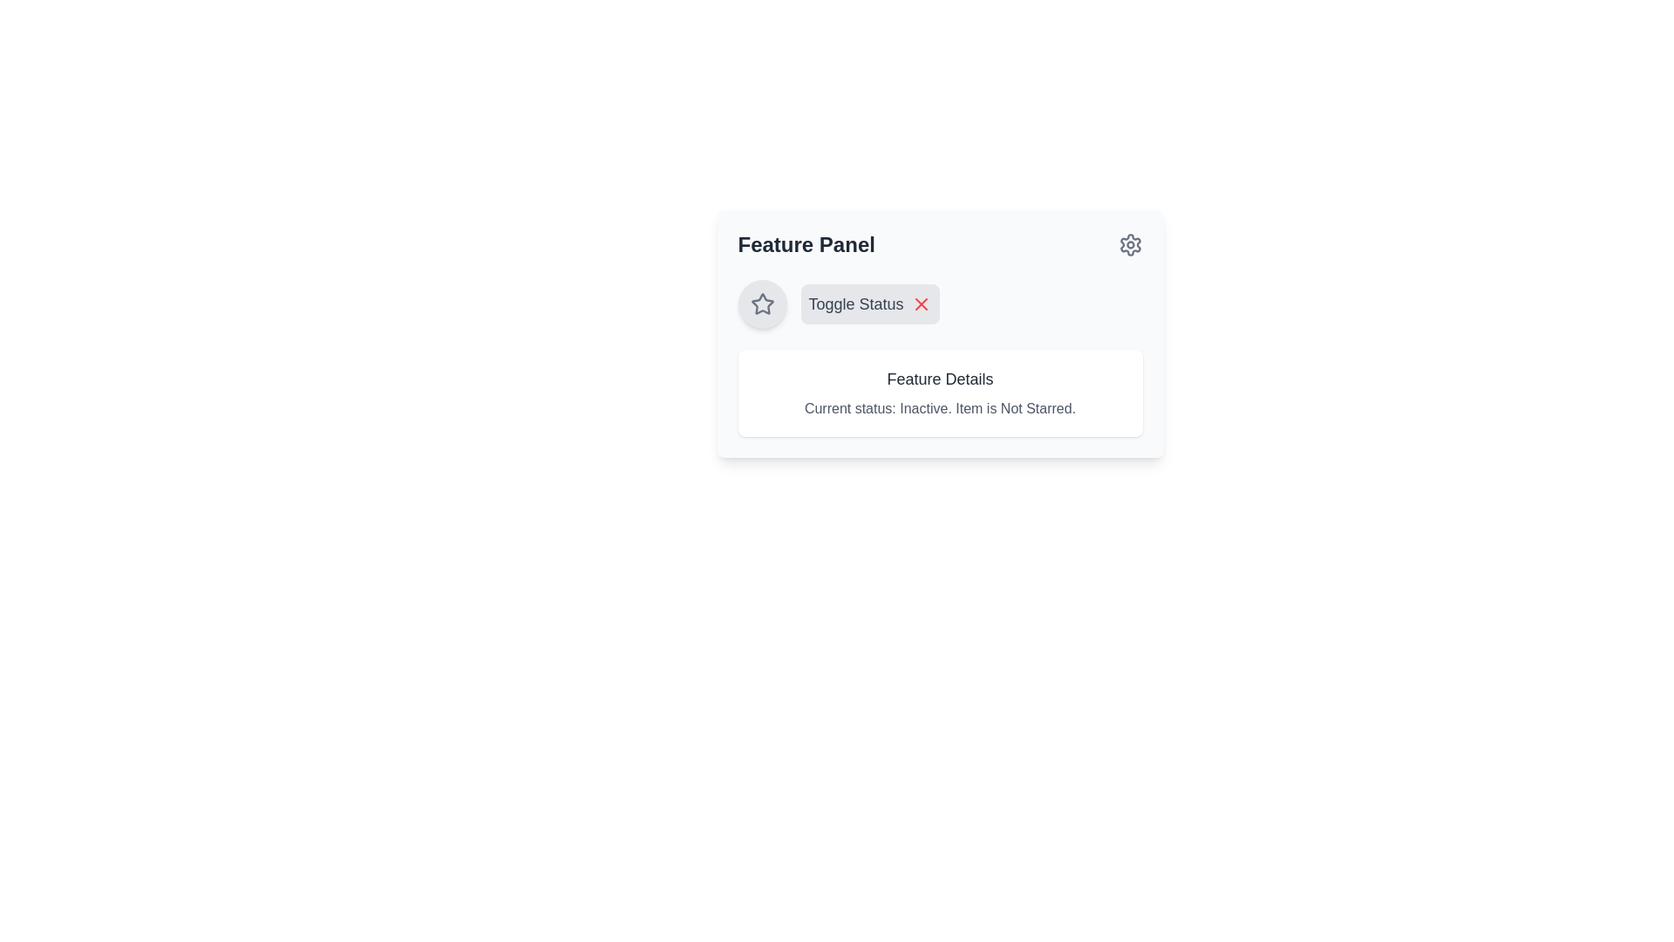 Image resolution: width=1674 pixels, height=942 pixels. I want to click on the star-shaped icon with a hollow center and a gray outline located within the circular button to the left of the 'Toggle Status' text in the feature panel interface, so click(762, 303).